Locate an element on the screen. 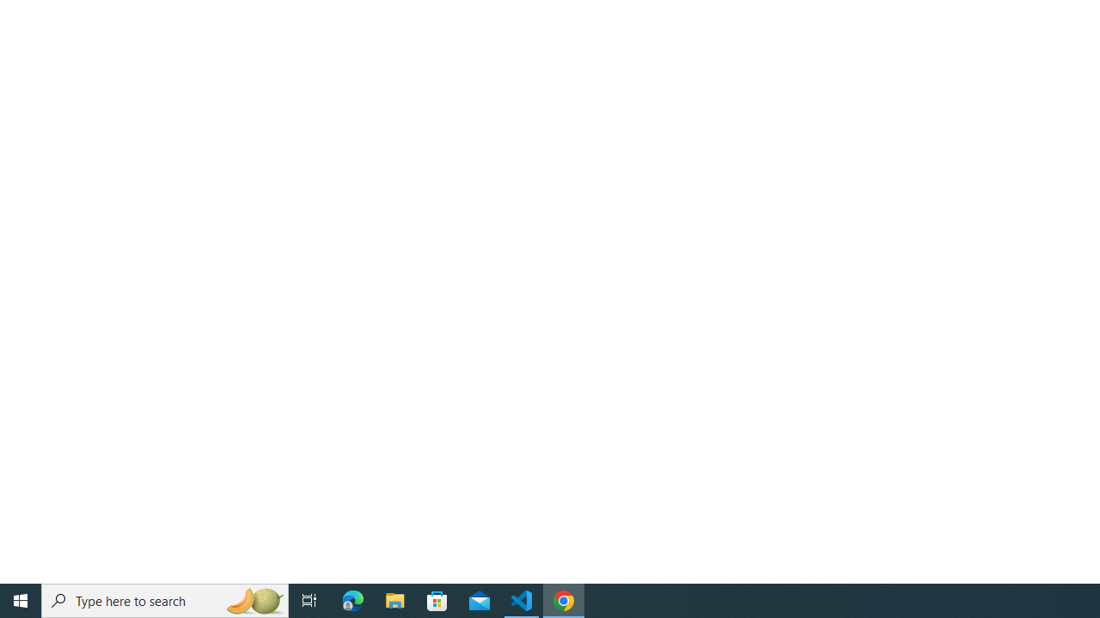 The image size is (1100, 618). 'Type here to search' is located at coordinates (165, 599).